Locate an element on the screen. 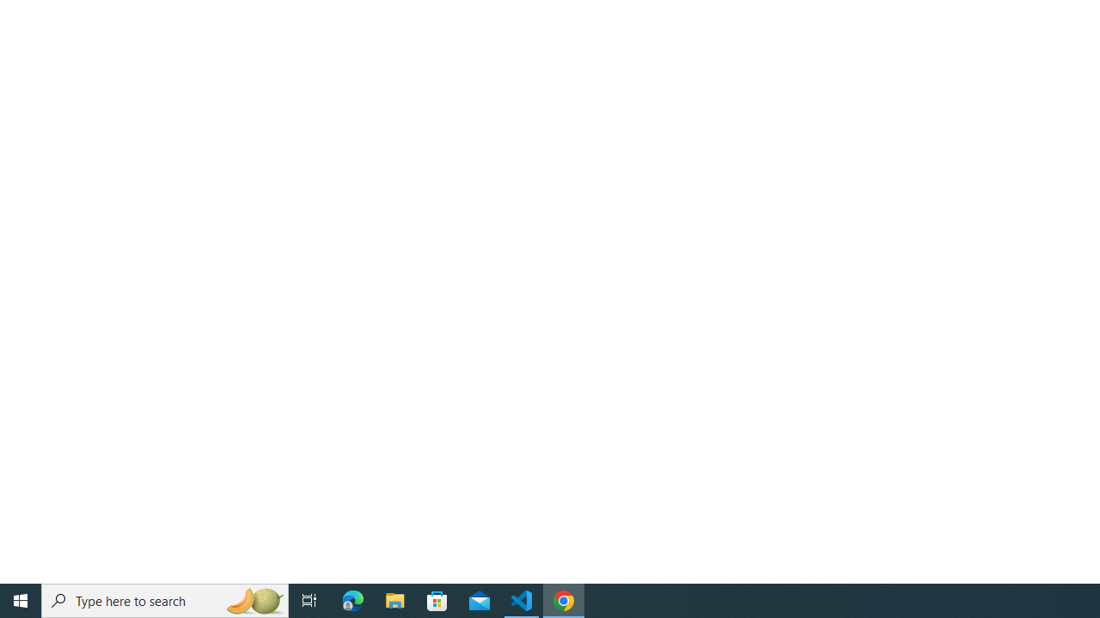 The image size is (1100, 618). 'Type here to search' is located at coordinates (165, 599).